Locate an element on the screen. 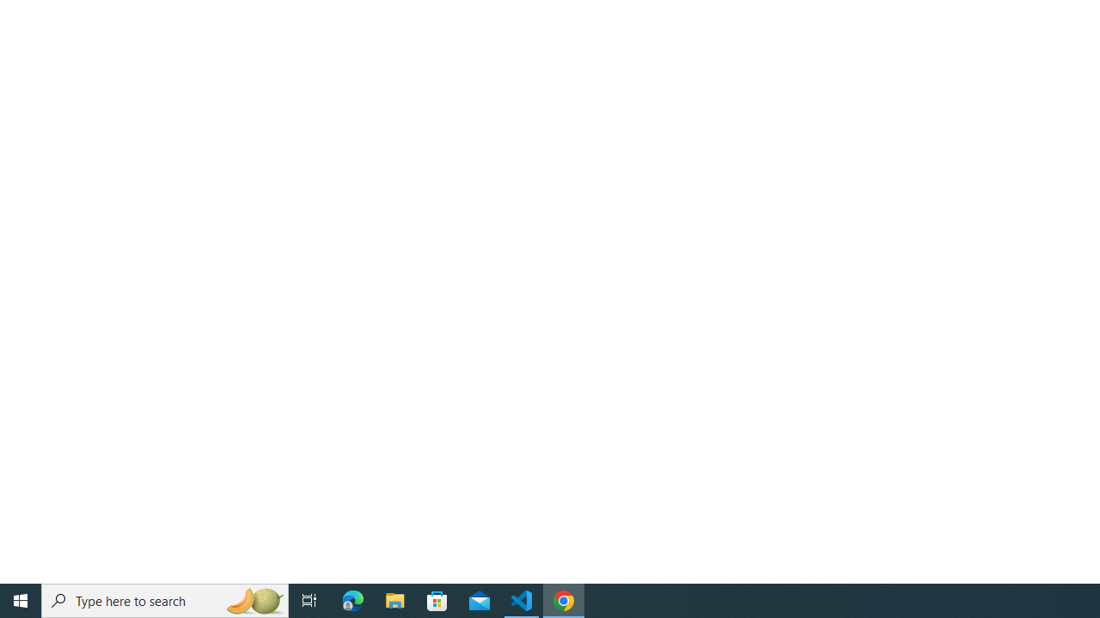 The image size is (1100, 618). 'Type here to search' is located at coordinates (165, 599).